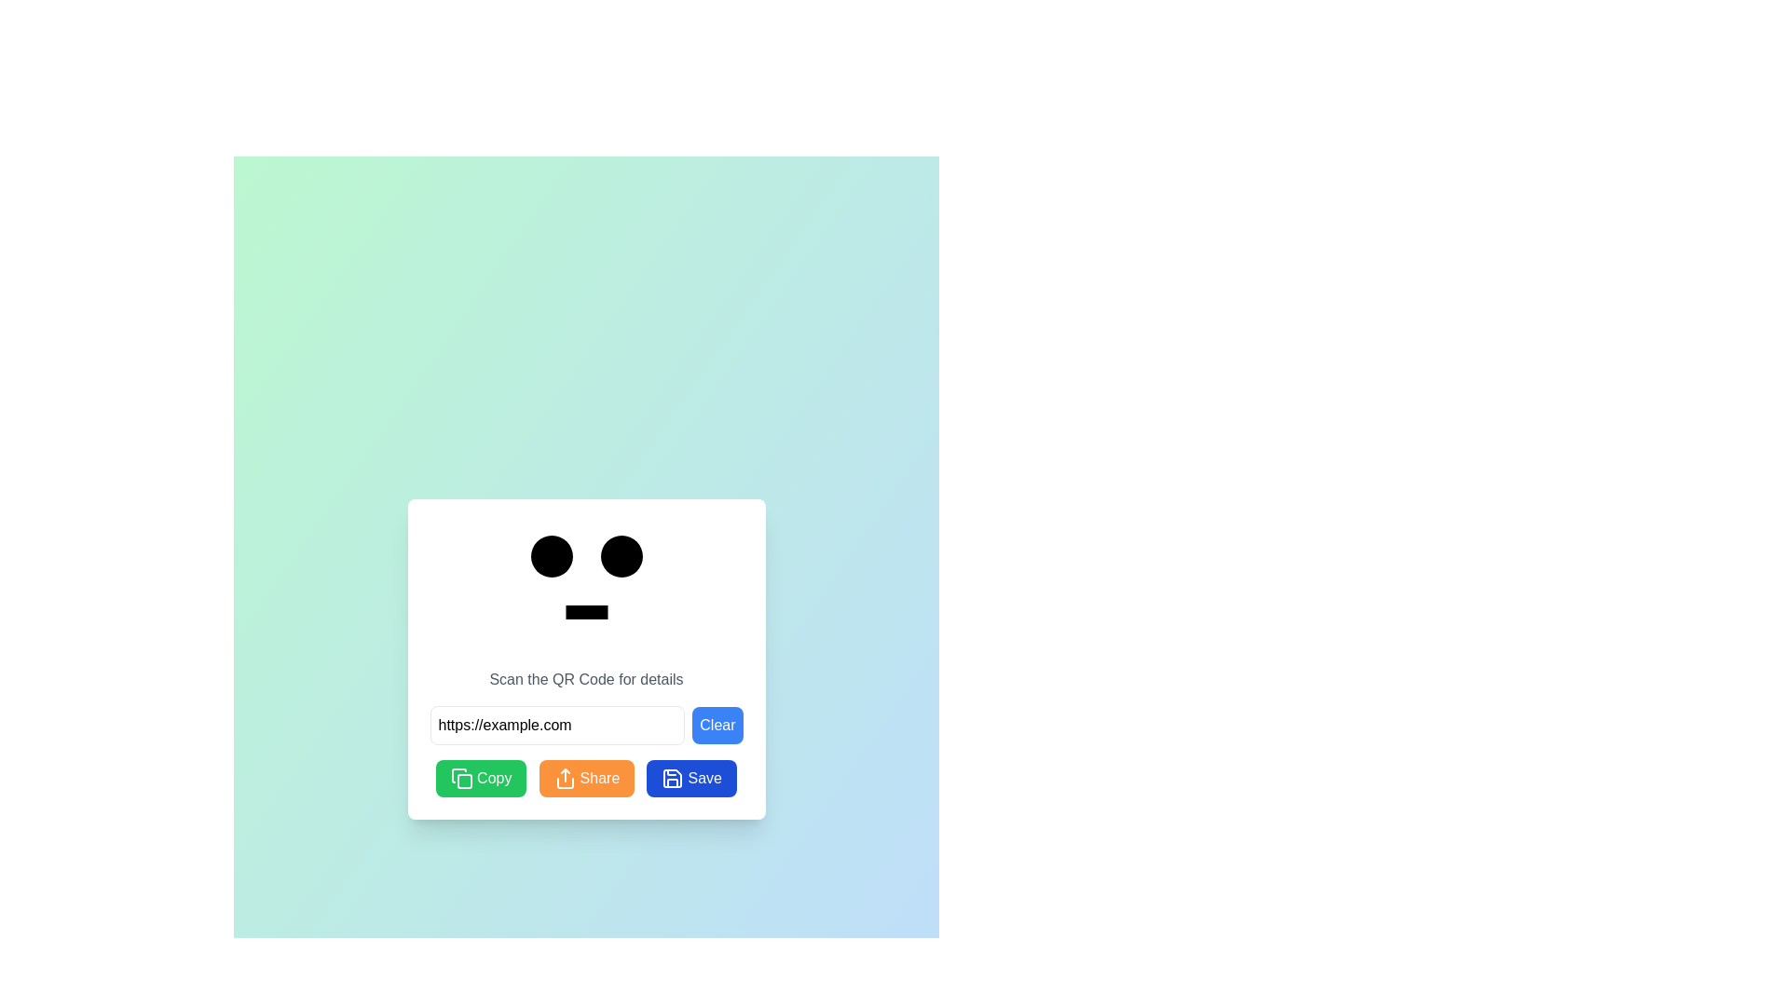 Image resolution: width=1789 pixels, height=1006 pixels. What do you see at coordinates (585, 779) in the screenshot?
I see `the 'Share' button, which has an orange background and white text, located as the second button in a row of three action buttons at the bottom of the dialog box` at bounding box center [585, 779].